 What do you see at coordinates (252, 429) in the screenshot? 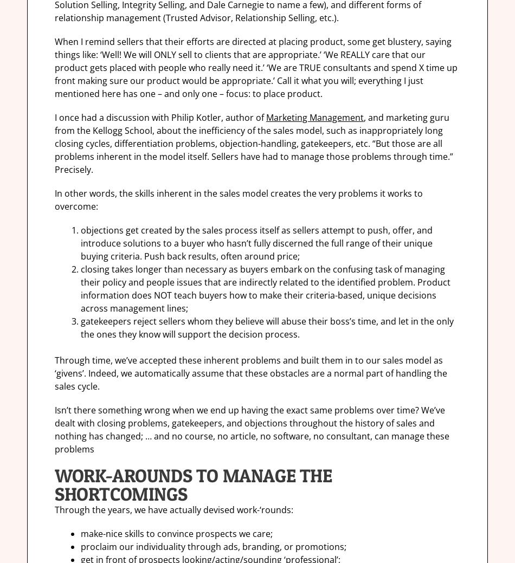
I see `'Isn’t there something wrong when we end up having the exact same problems over time? We’ve dealt with closing problems, gatekeepers, and objections throughout the history of sales and nothing has changed; … and no course, no article, no software, no consultant, can manage these problems'` at bounding box center [252, 429].